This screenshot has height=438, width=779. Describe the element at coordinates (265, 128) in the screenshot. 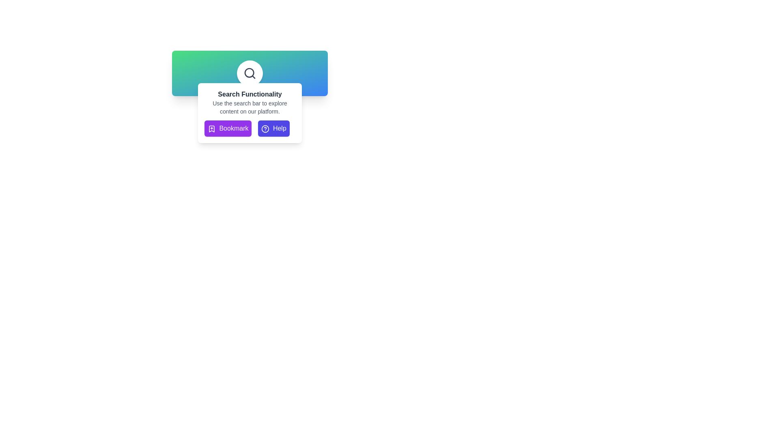

I see `the Help button icon, which serves as a visual indicator to provide help-related information or actions` at that location.